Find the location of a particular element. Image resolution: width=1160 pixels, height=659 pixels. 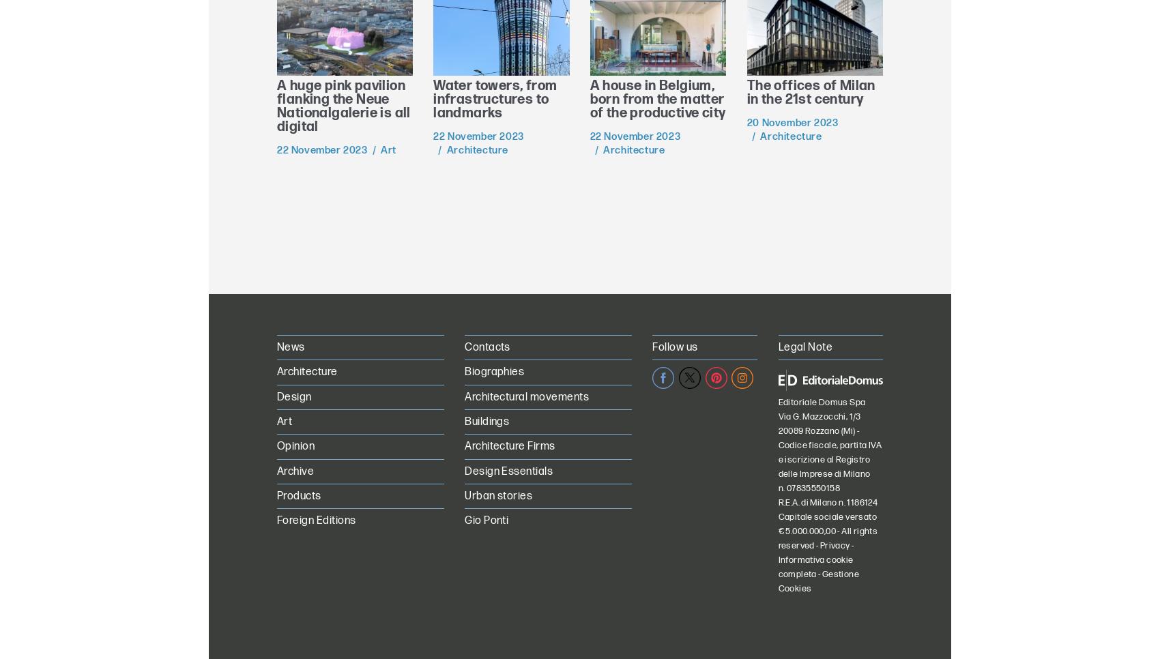

'Urban stories' is located at coordinates (498, 495).